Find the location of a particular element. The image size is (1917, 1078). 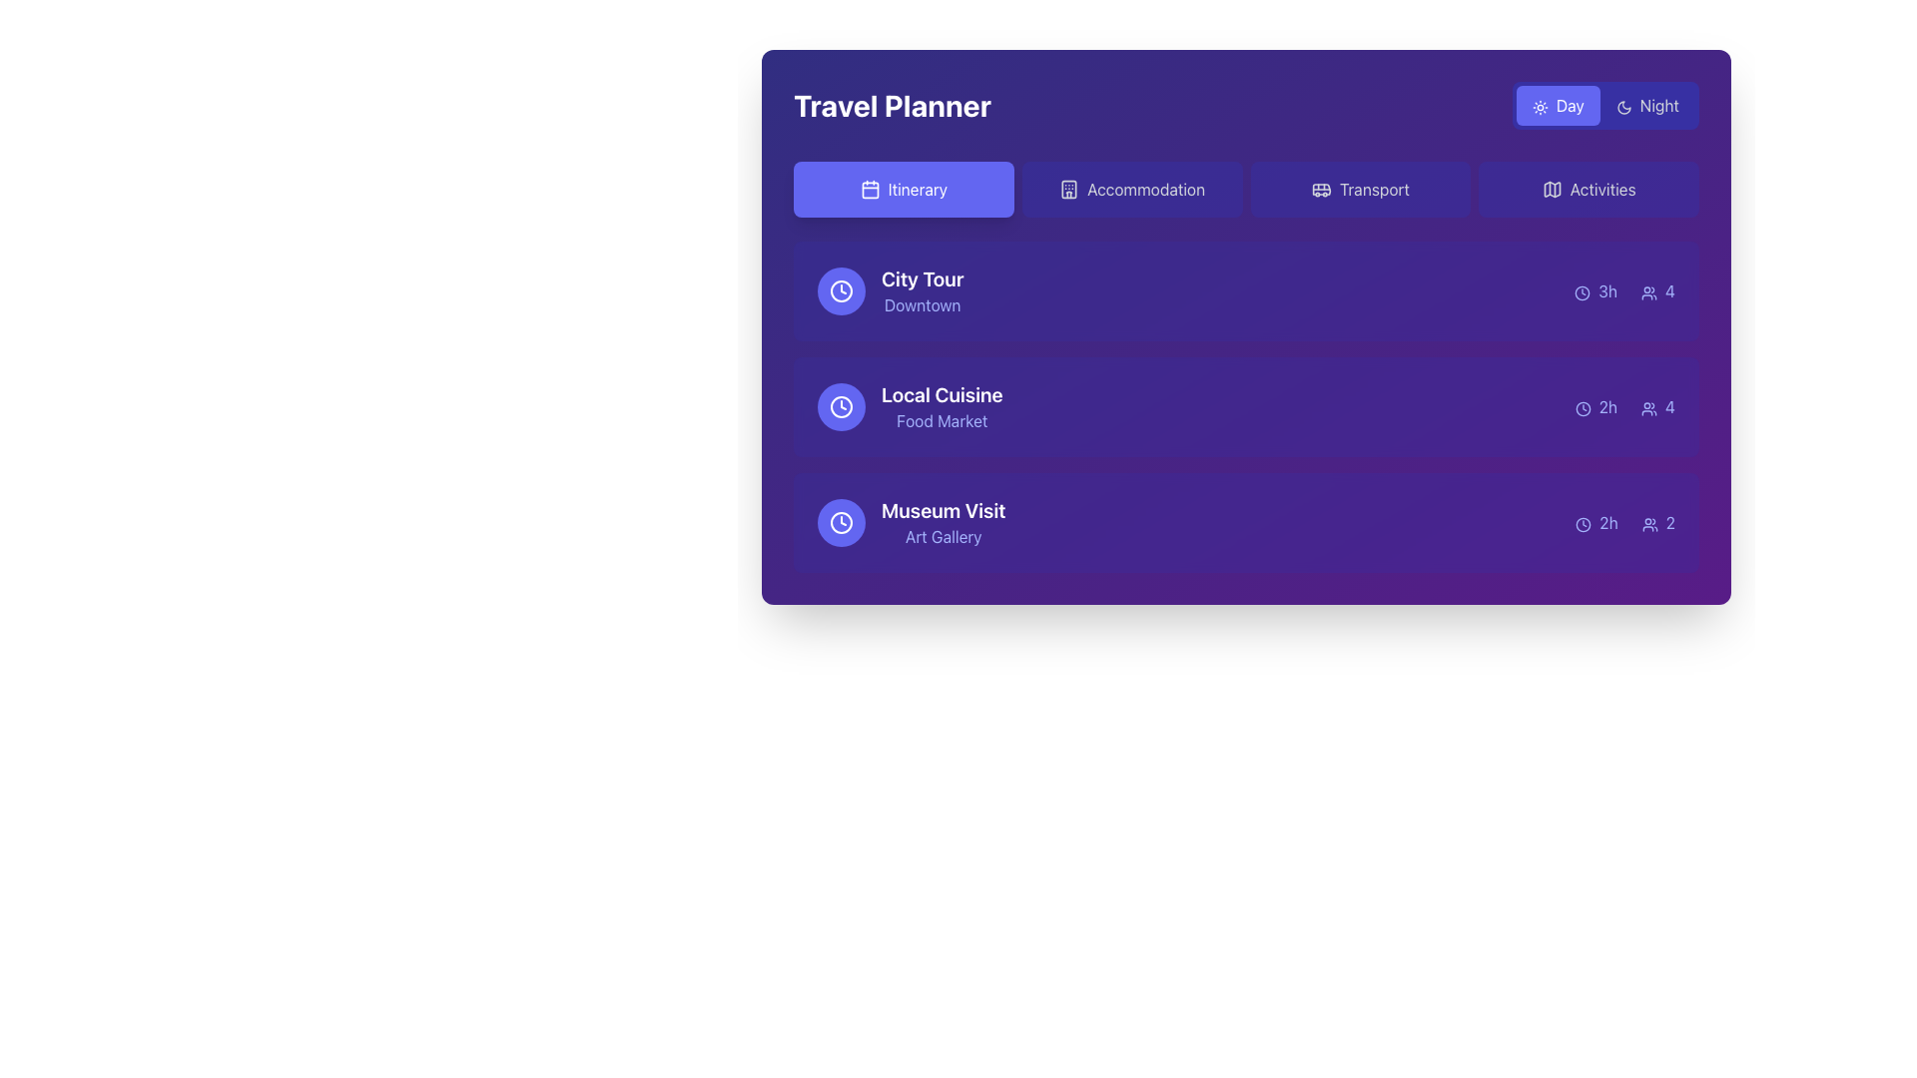

the 'Local Cuisine' list item is located at coordinates (1245, 406).